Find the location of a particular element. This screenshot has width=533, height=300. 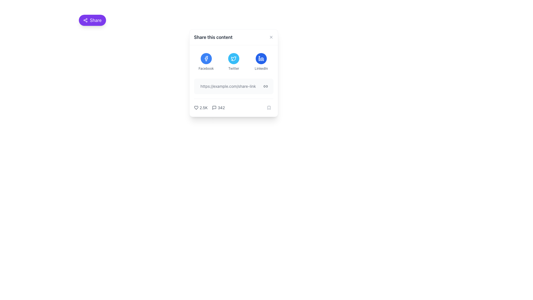

the heart icon located at the bottom left of the card interface within the modal panel to like the content is located at coordinates (209, 108).